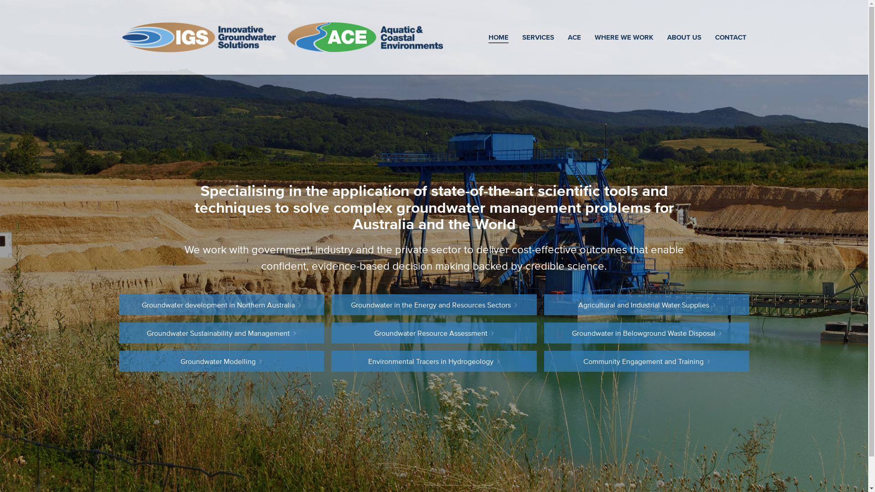 Image resolution: width=875 pixels, height=492 pixels. What do you see at coordinates (573, 36) in the screenshot?
I see `'ACE'` at bounding box center [573, 36].